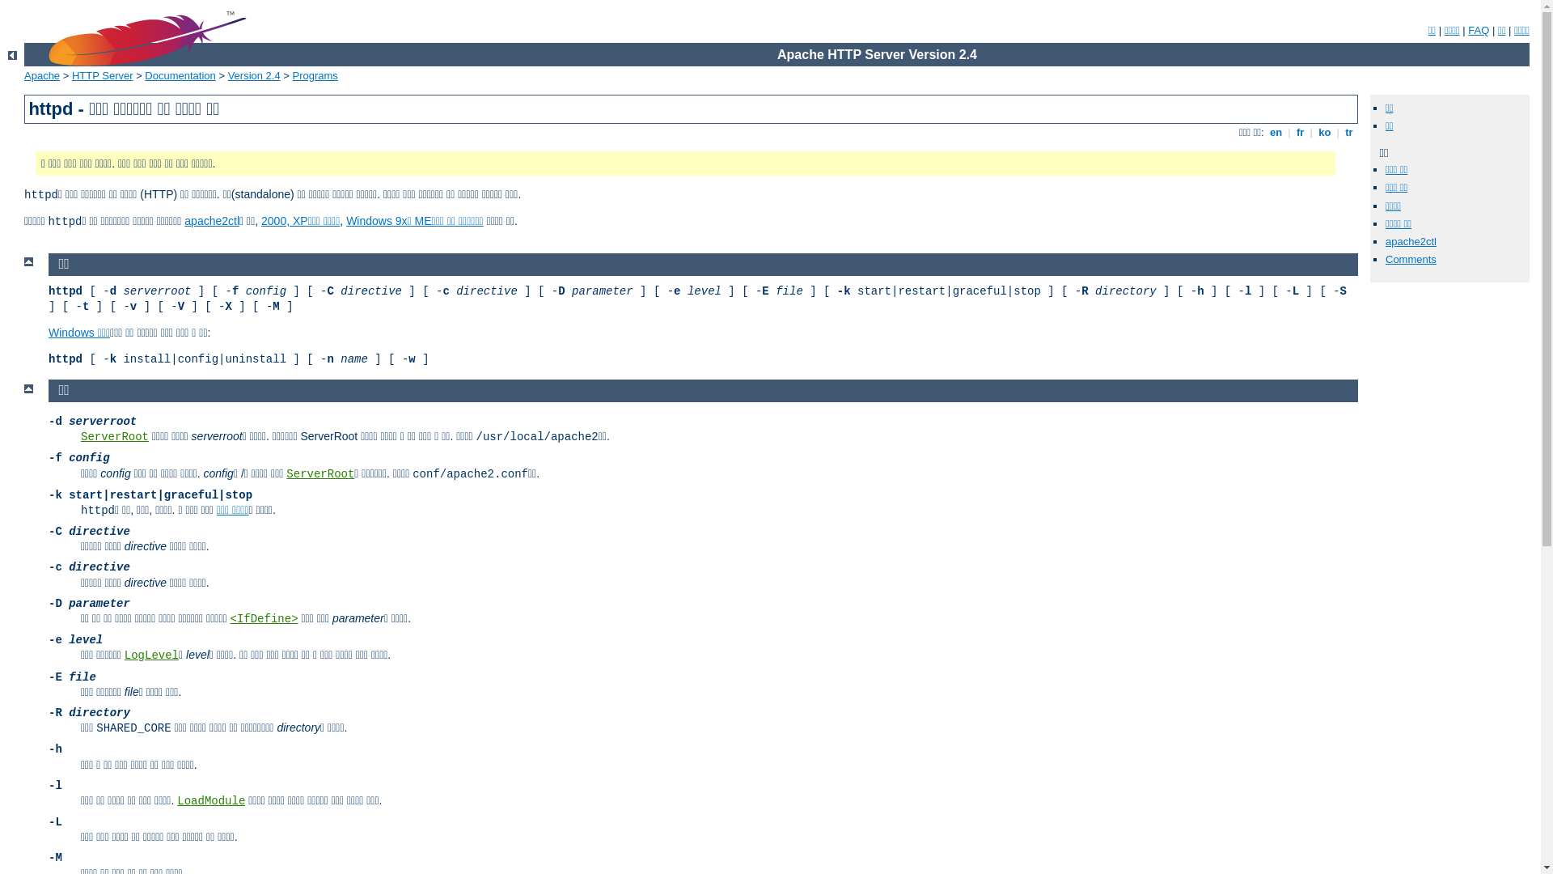  What do you see at coordinates (211, 221) in the screenshot?
I see `'apache2ctl'` at bounding box center [211, 221].